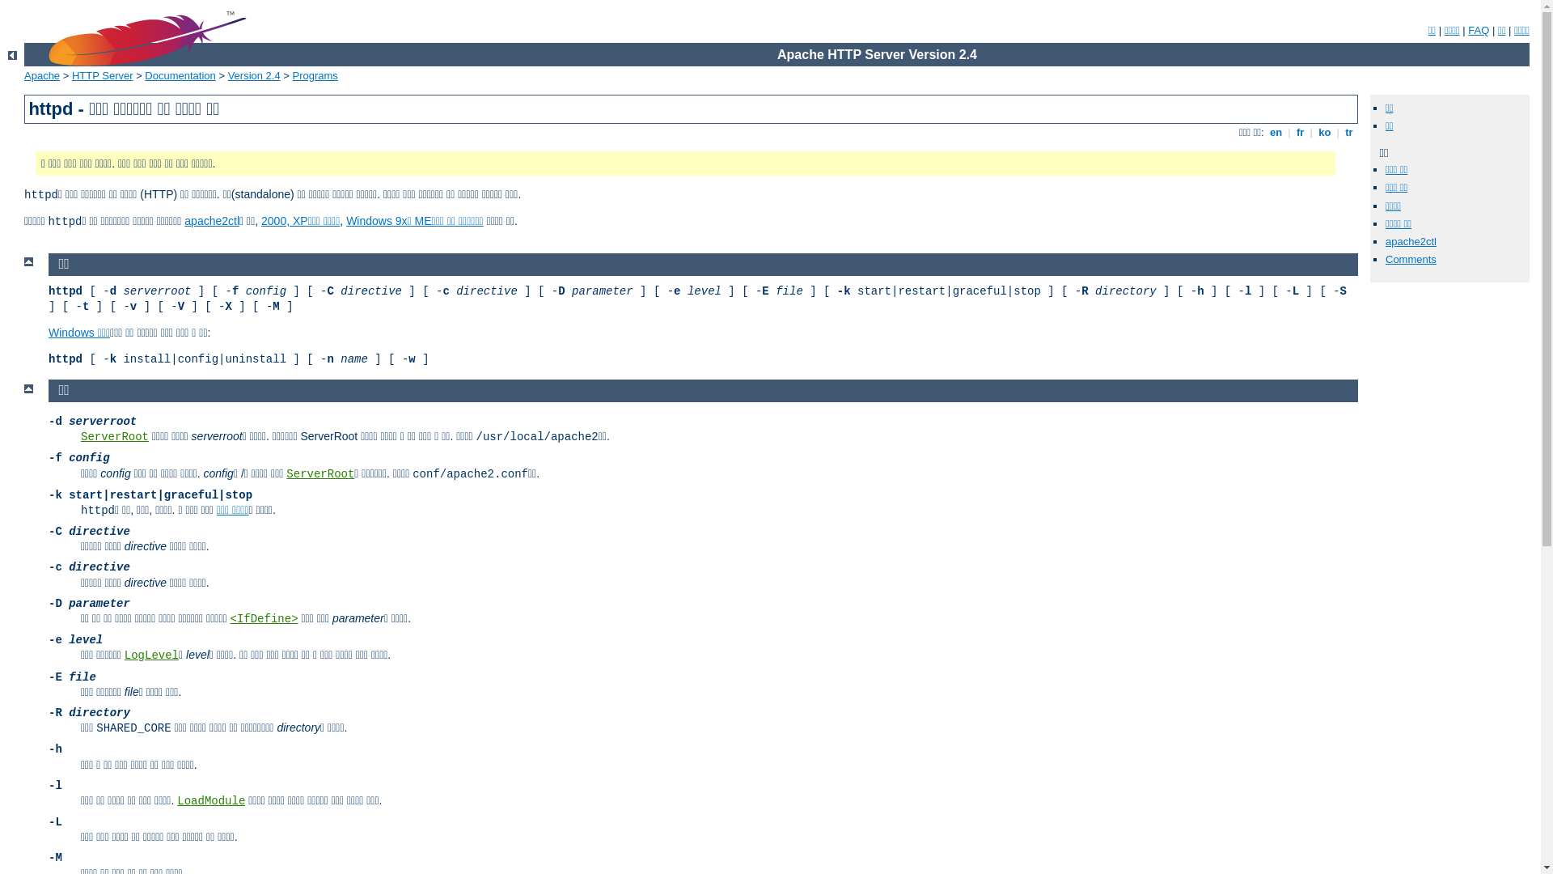  What do you see at coordinates (211, 221) in the screenshot?
I see `'apache2ctl'` at bounding box center [211, 221].